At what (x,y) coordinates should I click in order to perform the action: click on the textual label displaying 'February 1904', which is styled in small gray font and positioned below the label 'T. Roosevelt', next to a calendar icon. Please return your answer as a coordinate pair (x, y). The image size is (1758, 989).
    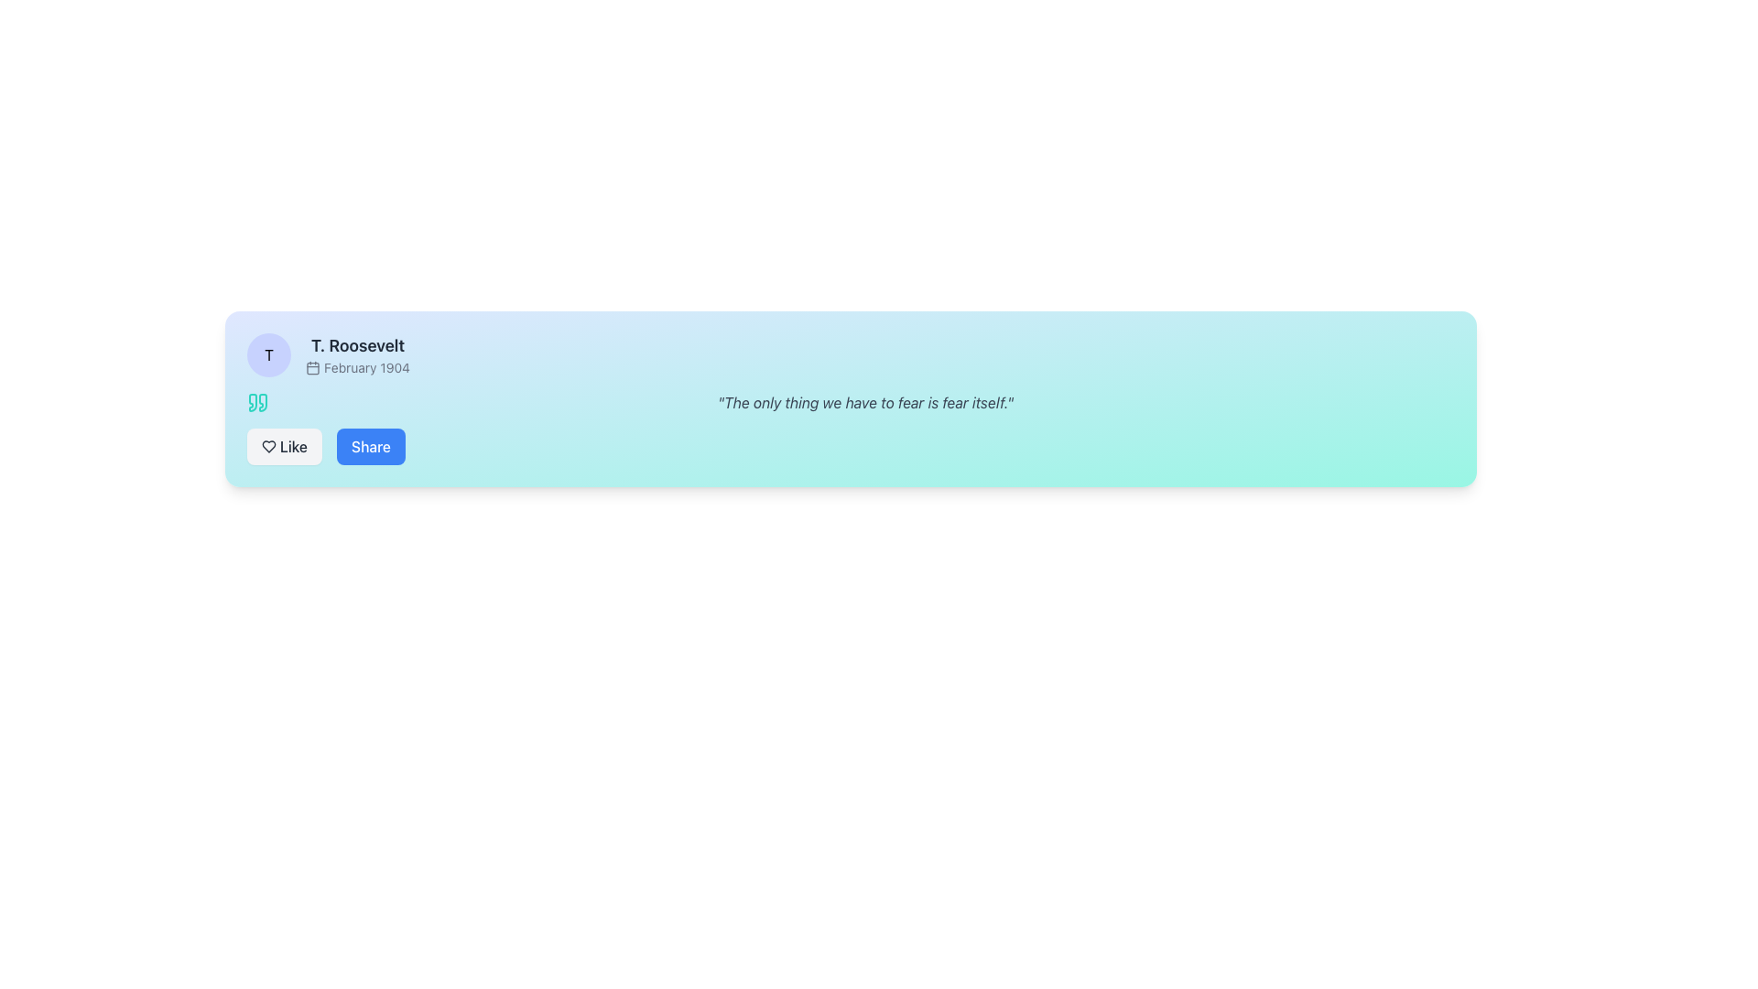
    Looking at the image, I should click on (358, 367).